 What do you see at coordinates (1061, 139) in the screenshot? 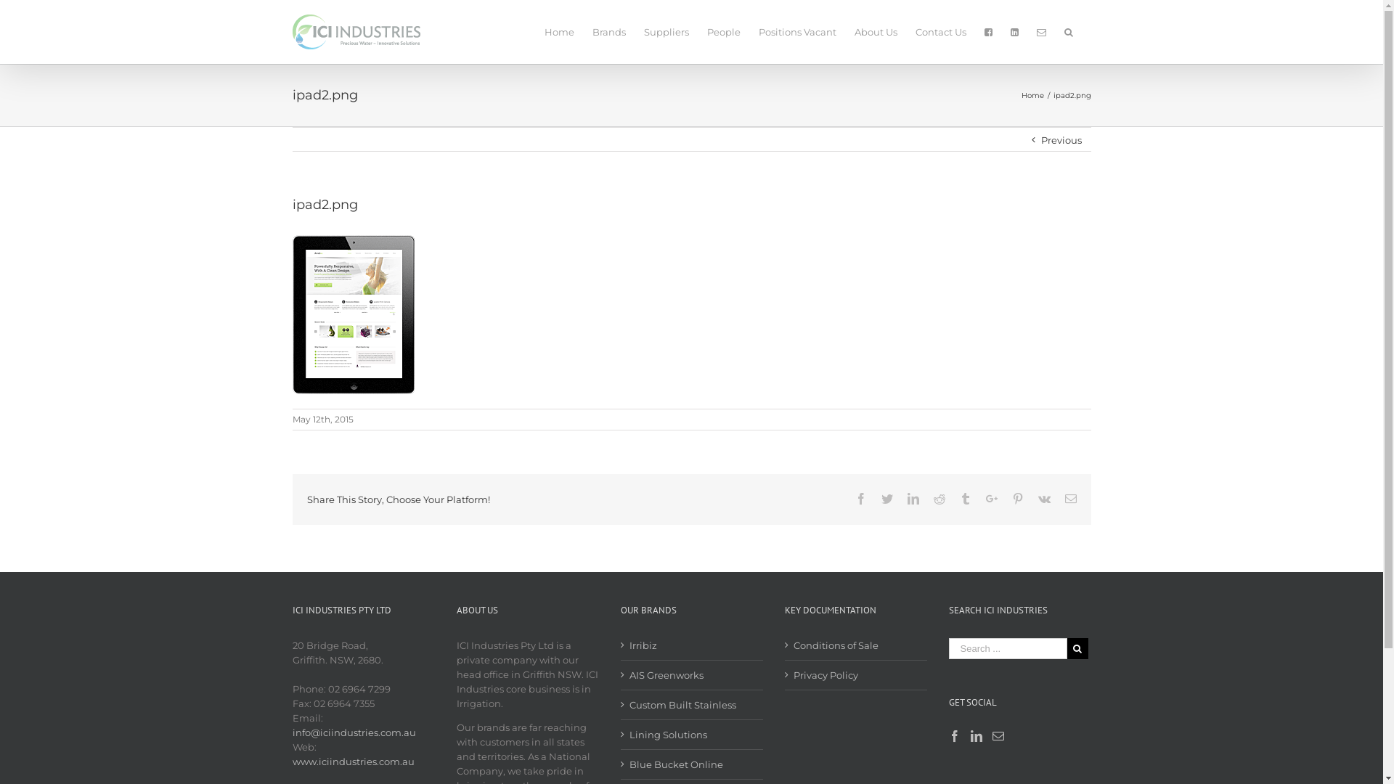
I see `'Previous'` at bounding box center [1061, 139].